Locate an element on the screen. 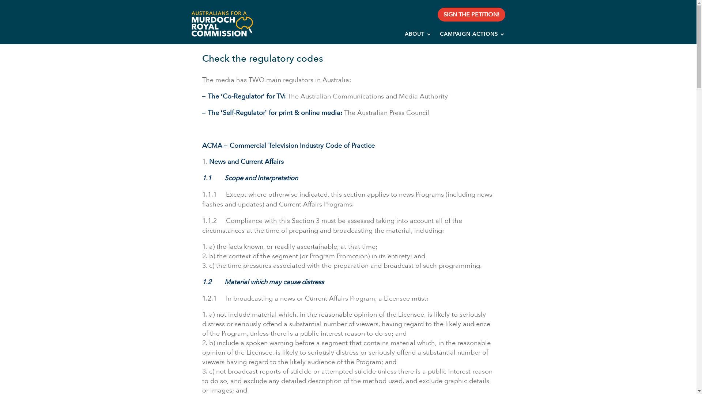 The width and height of the screenshot is (702, 394). 'ABOUT' is located at coordinates (418, 35).